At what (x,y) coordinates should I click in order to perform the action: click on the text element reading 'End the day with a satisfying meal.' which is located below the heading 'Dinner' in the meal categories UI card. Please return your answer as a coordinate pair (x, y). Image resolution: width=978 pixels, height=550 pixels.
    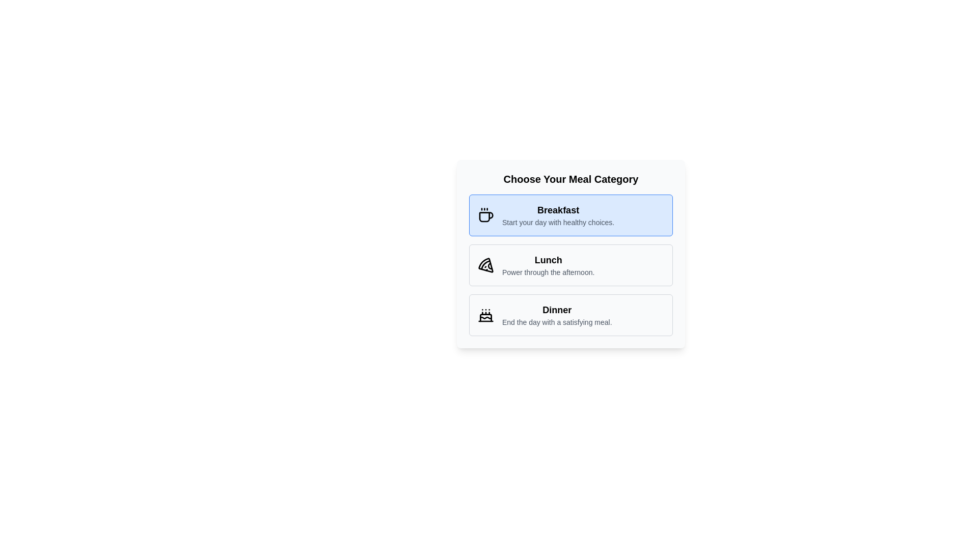
    Looking at the image, I should click on (556, 322).